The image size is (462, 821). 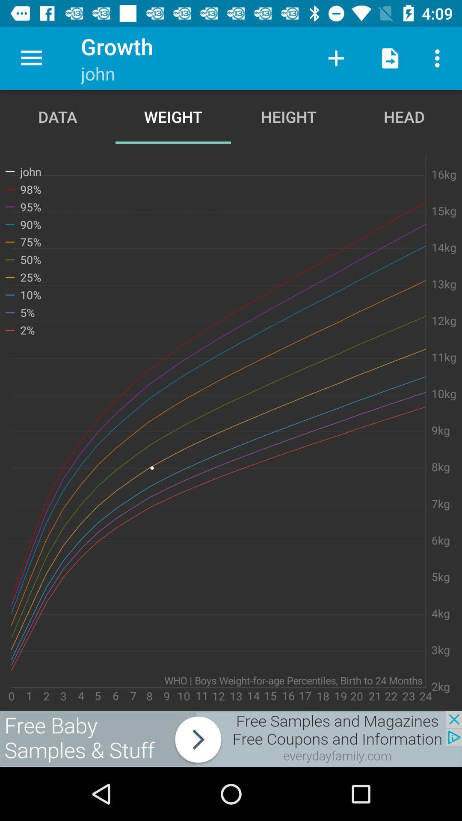 What do you see at coordinates (231, 738) in the screenshot?
I see `advertisement` at bounding box center [231, 738].